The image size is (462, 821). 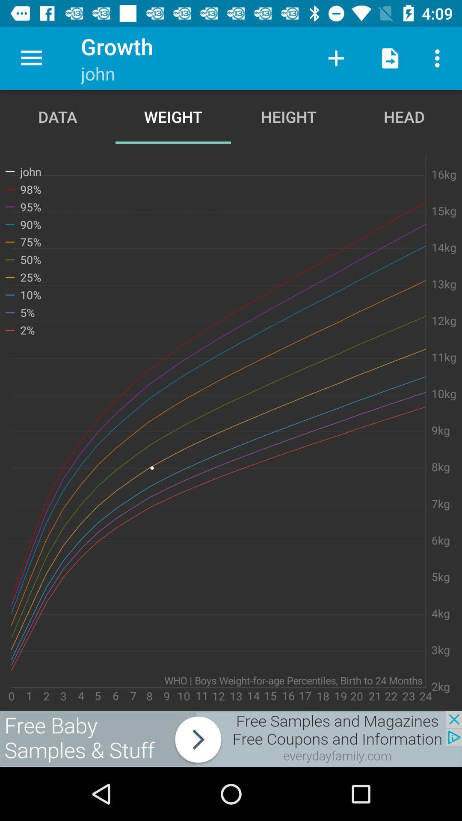 What do you see at coordinates (231, 738) in the screenshot?
I see `advertisement` at bounding box center [231, 738].